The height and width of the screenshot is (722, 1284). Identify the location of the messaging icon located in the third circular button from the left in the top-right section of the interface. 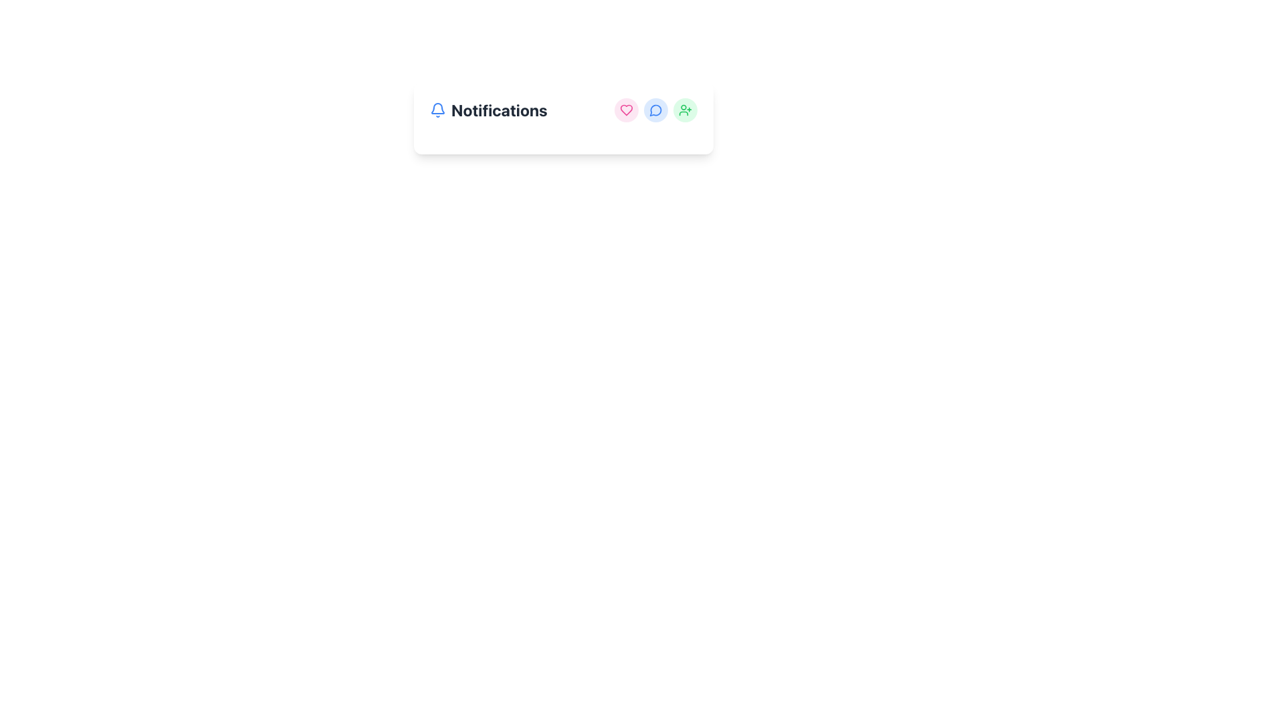
(655, 110).